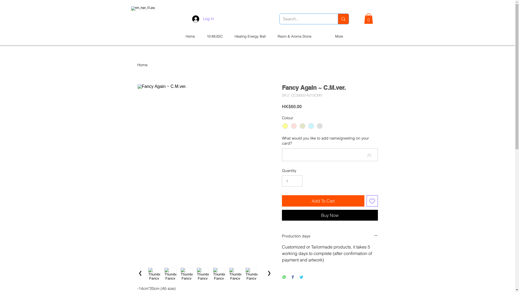 This screenshot has width=519, height=292. I want to click on 'Healing Energy Ball', so click(228, 36).